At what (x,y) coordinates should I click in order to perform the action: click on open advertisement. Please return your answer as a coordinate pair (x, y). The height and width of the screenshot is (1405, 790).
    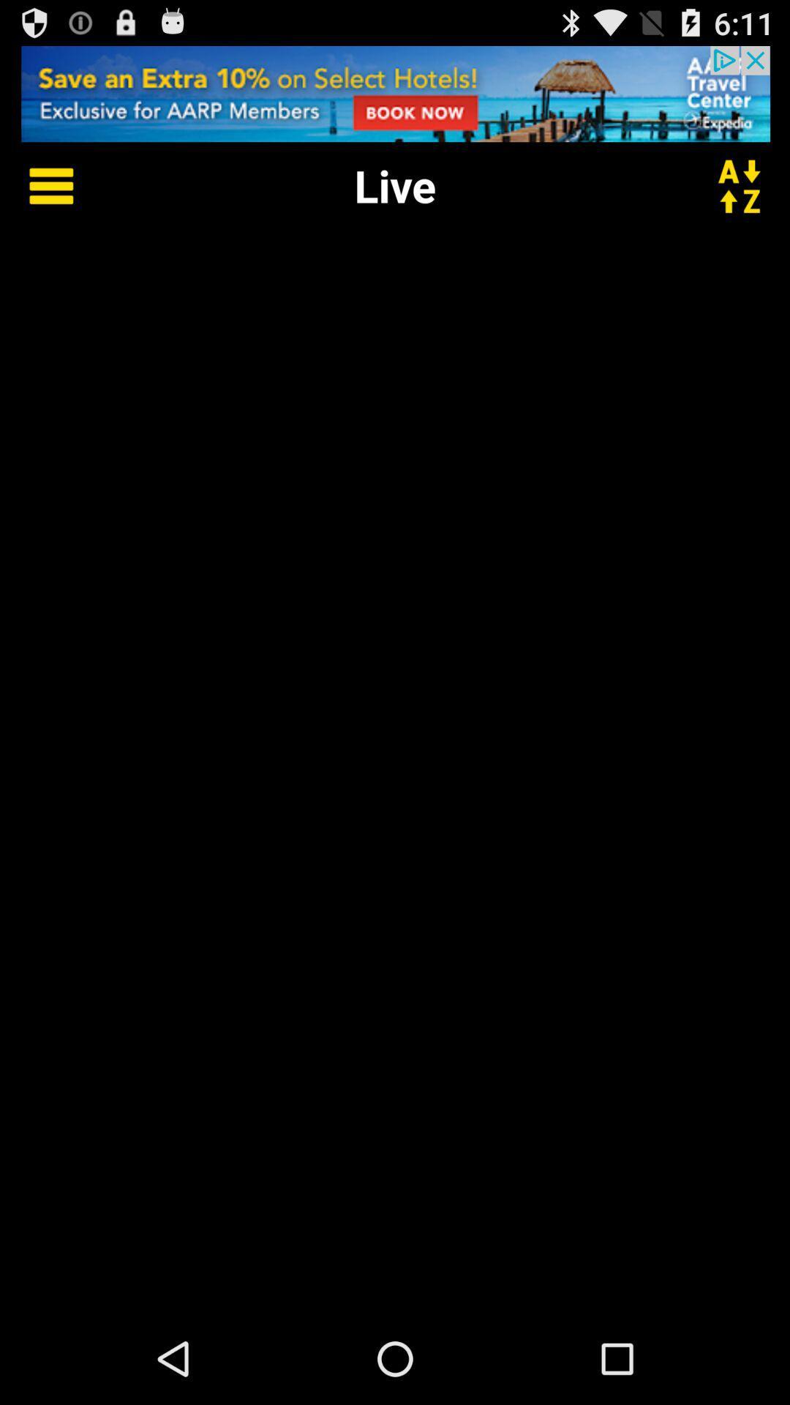
    Looking at the image, I should click on (395, 93).